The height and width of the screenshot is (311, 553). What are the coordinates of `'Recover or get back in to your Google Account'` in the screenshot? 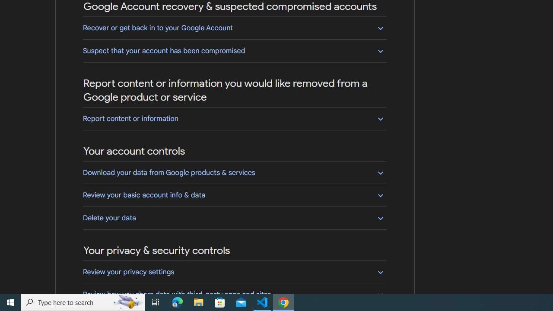 It's located at (234, 27).